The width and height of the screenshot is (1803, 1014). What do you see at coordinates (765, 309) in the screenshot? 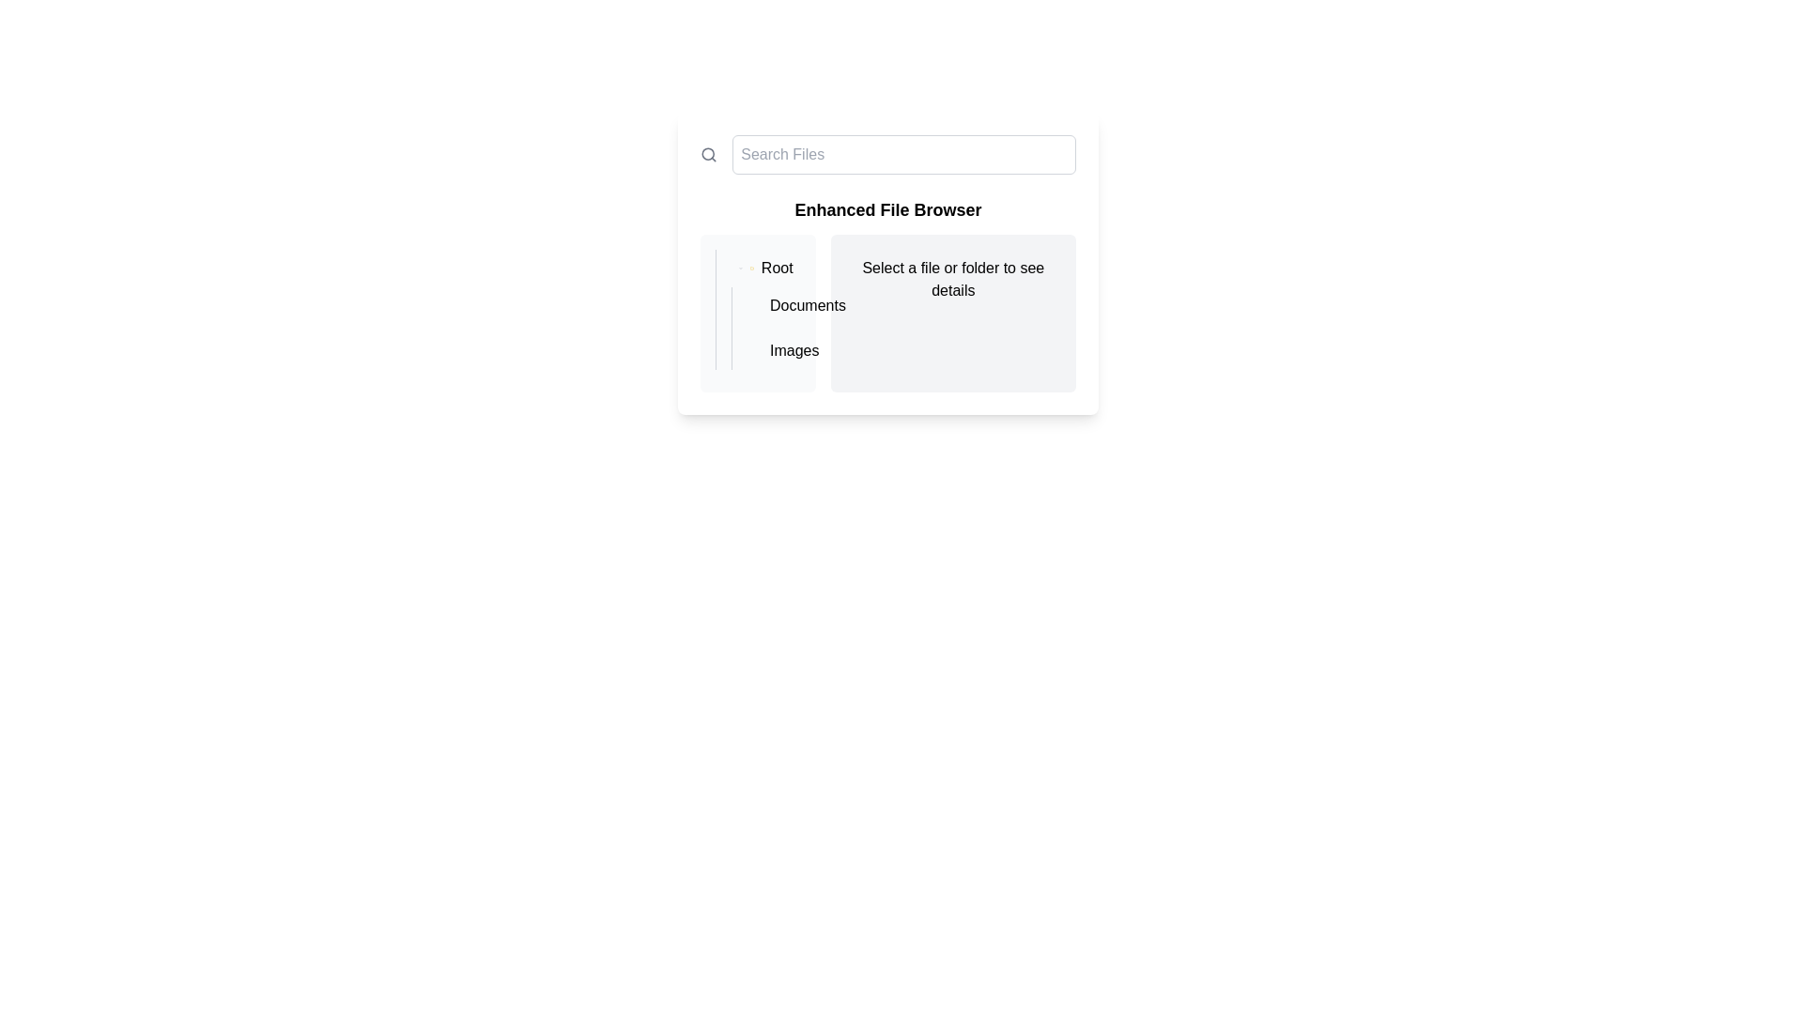
I see `the 'Documents' folder label in the file navigation interface` at bounding box center [765, 309].